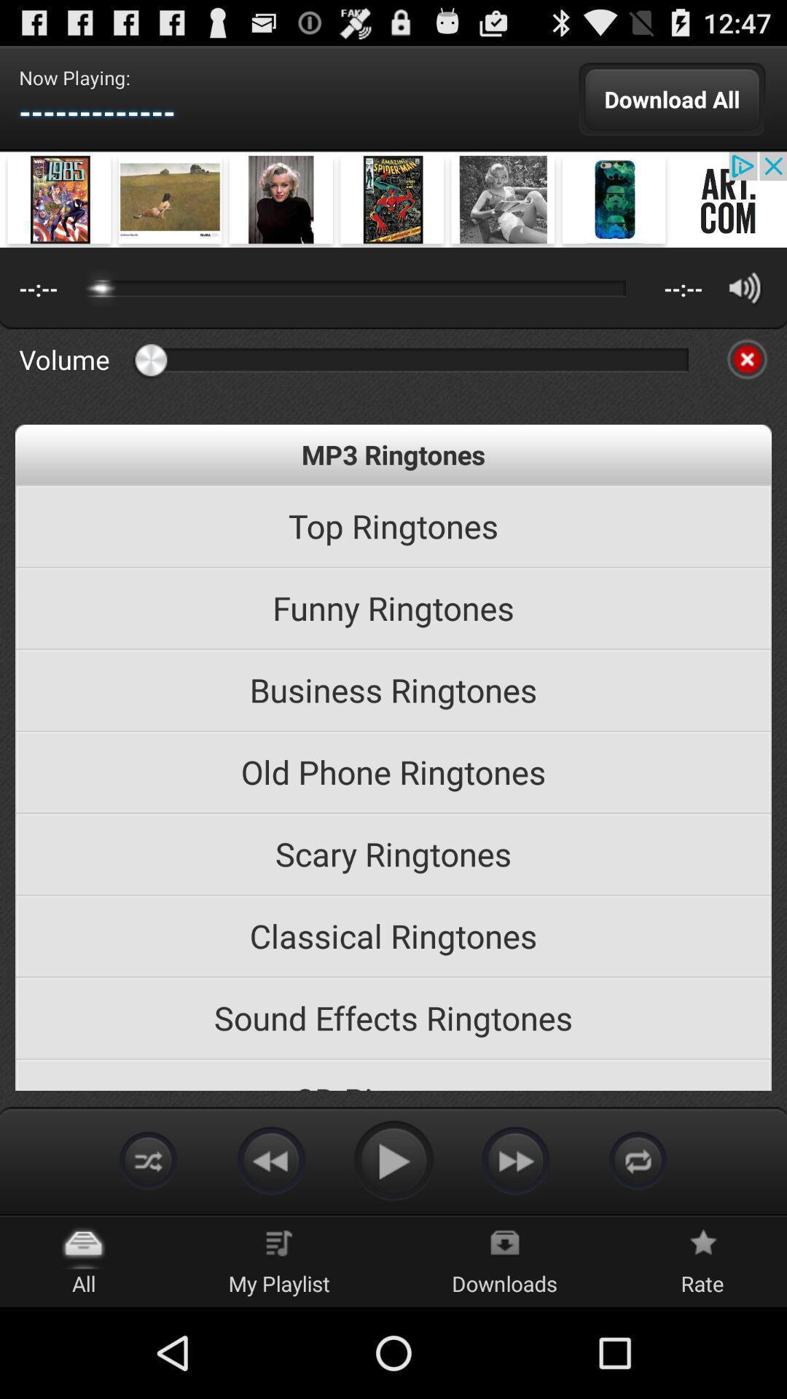  I want to click on fast forward song, so click(515, 1159).